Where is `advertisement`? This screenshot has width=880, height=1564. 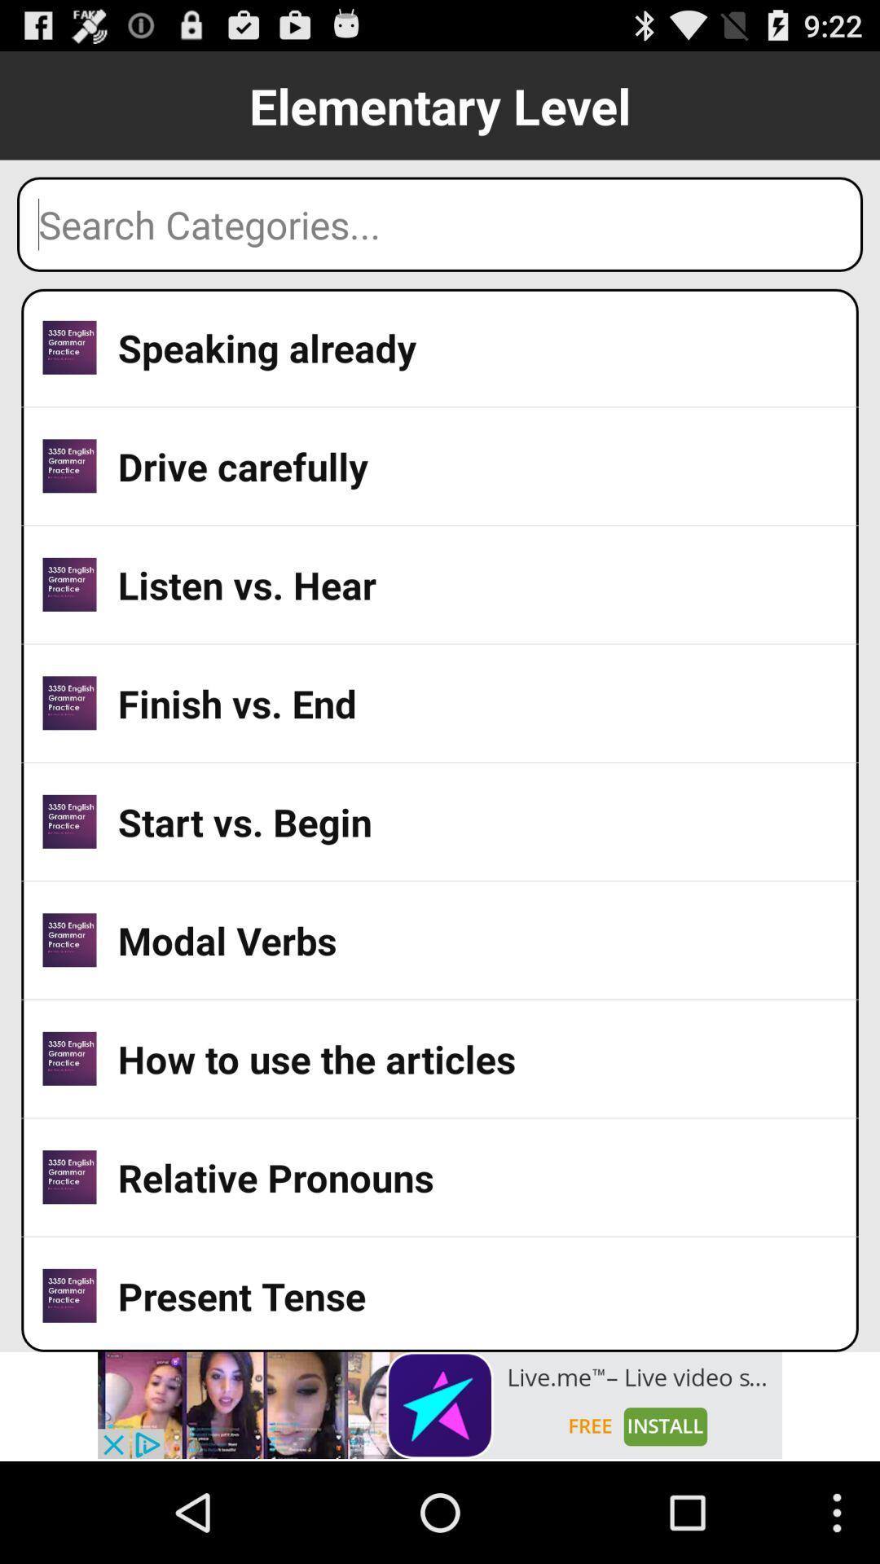
advertisement is located at coordinates (440, 1404).